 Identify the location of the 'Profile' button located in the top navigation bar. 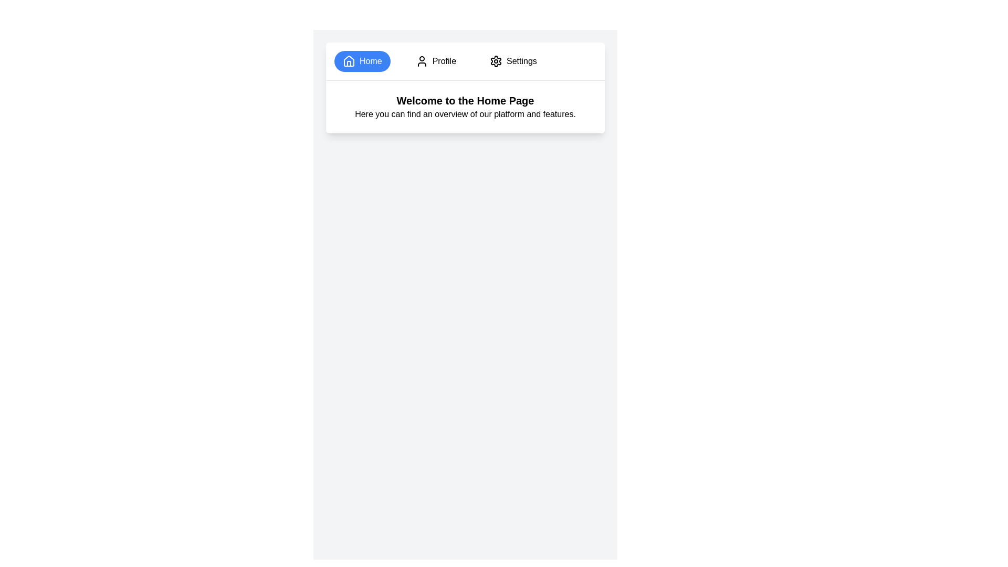
(436, 61).